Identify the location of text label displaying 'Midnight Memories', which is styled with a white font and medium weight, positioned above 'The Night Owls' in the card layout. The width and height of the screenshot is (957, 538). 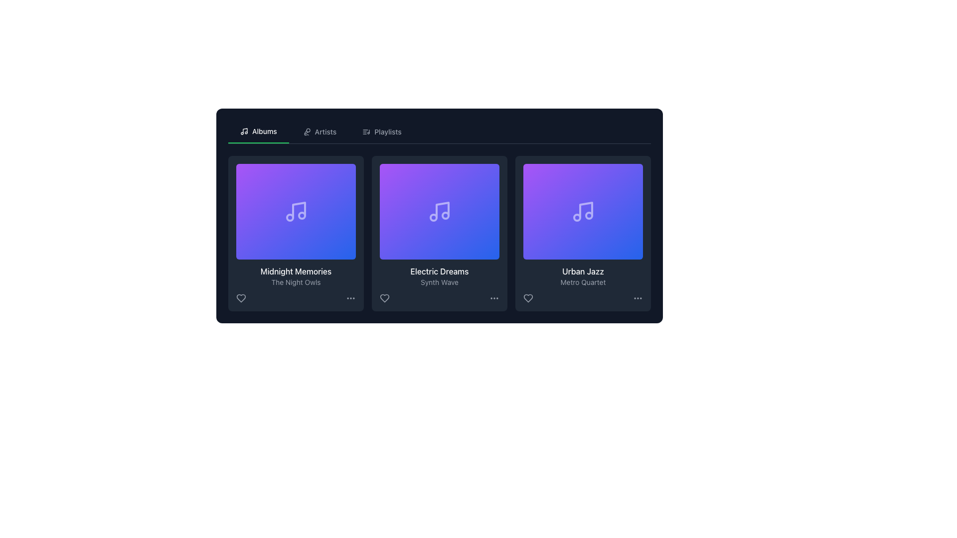
(296, 271).